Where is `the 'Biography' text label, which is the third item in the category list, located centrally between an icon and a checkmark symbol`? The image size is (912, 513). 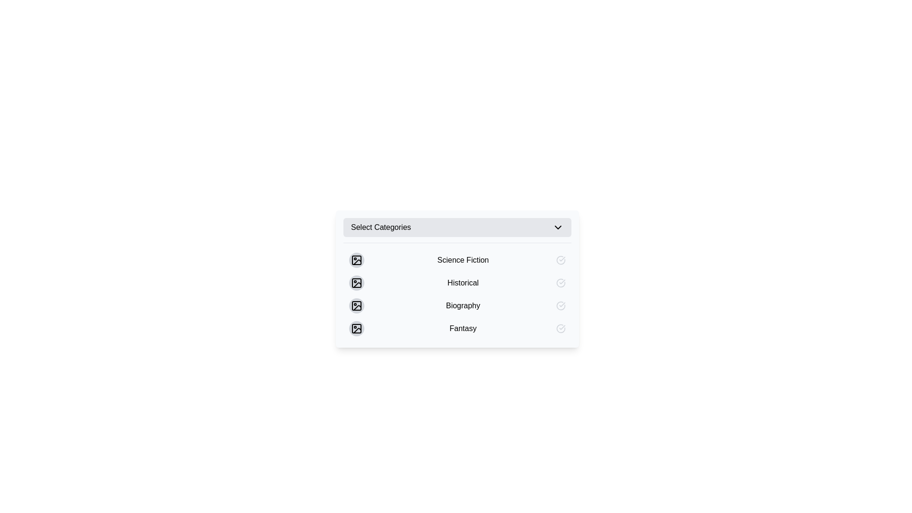
the 'Biography' text label, which is the third item in the category list, located centrally between an icon and a checkmark symbol is located at coordinates (463, 306).